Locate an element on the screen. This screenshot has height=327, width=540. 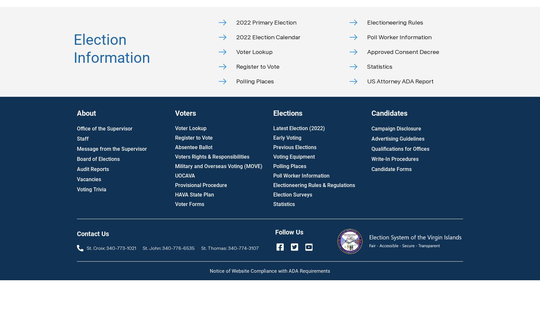
'Write-In Procedures' is located at coordinates (395, 159).